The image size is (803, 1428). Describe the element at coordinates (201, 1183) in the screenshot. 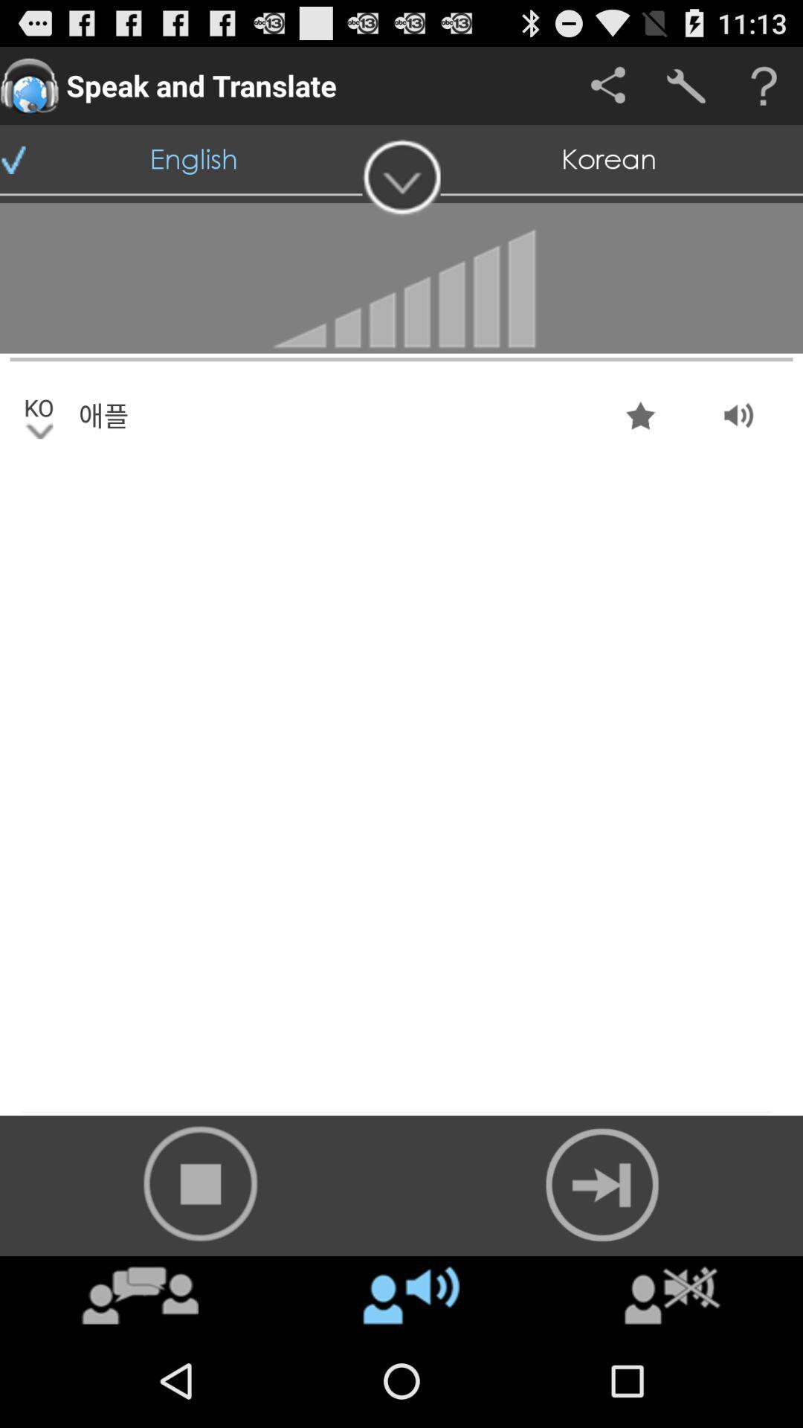

I see `stops recording for translation` at that location.